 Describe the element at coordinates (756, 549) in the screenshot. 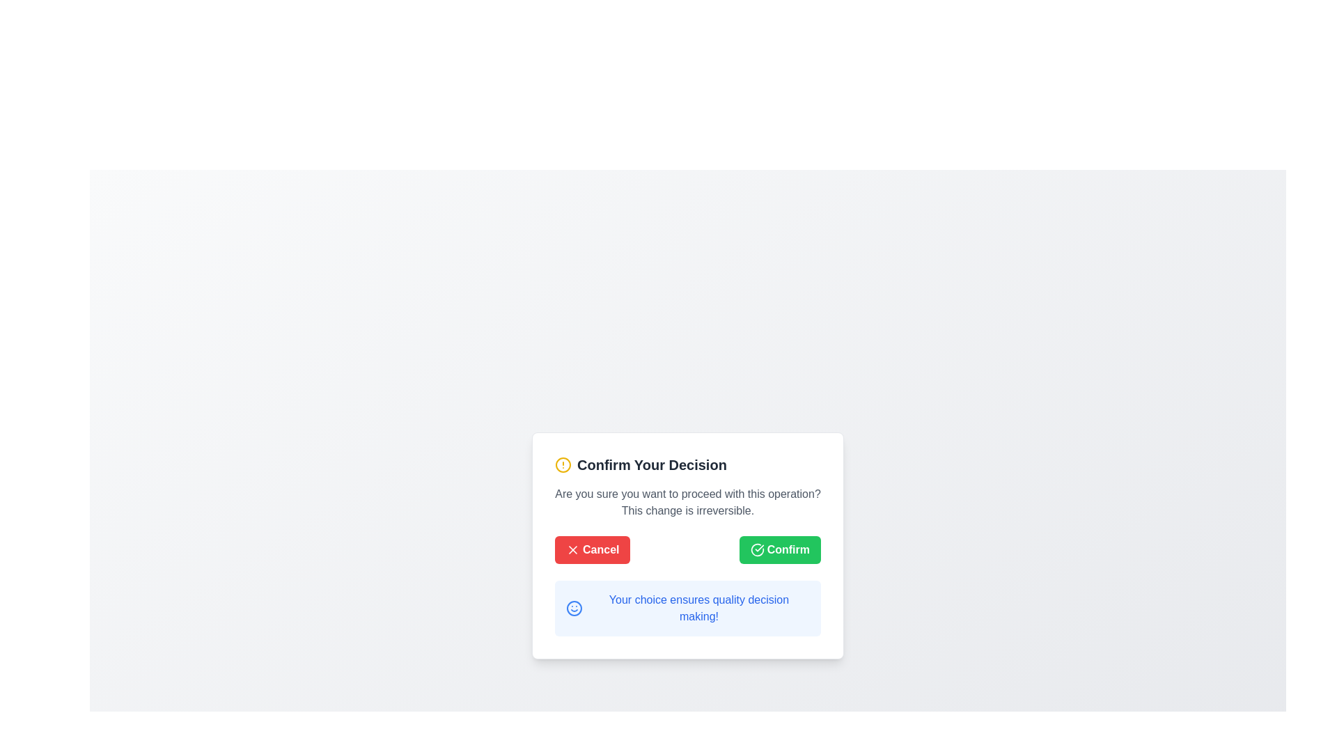

I see `the circular component of the SVG graphic that serves as a status or confirmation indicator within the dialog box` at that location.